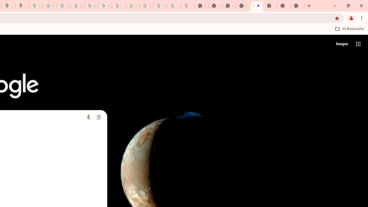 The width and height of the screenshot is (368, 207). Describe the element at coordinates (342, 44) in the screenshot. I see `'Search for Images '` at that location.